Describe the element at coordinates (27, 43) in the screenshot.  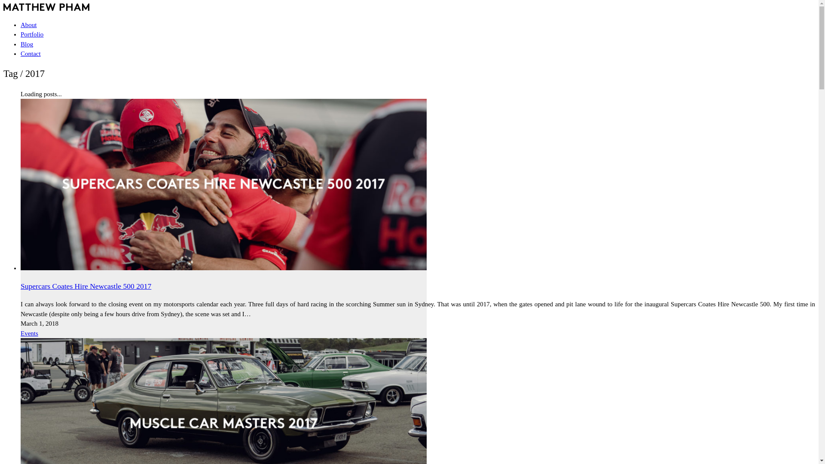
I see `'Blog'` at that location.